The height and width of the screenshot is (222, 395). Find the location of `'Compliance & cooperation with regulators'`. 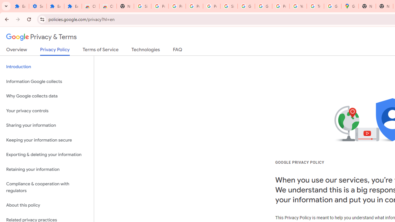

'Compliance & cooperation with regulators' is located at coordinates (47, 187).